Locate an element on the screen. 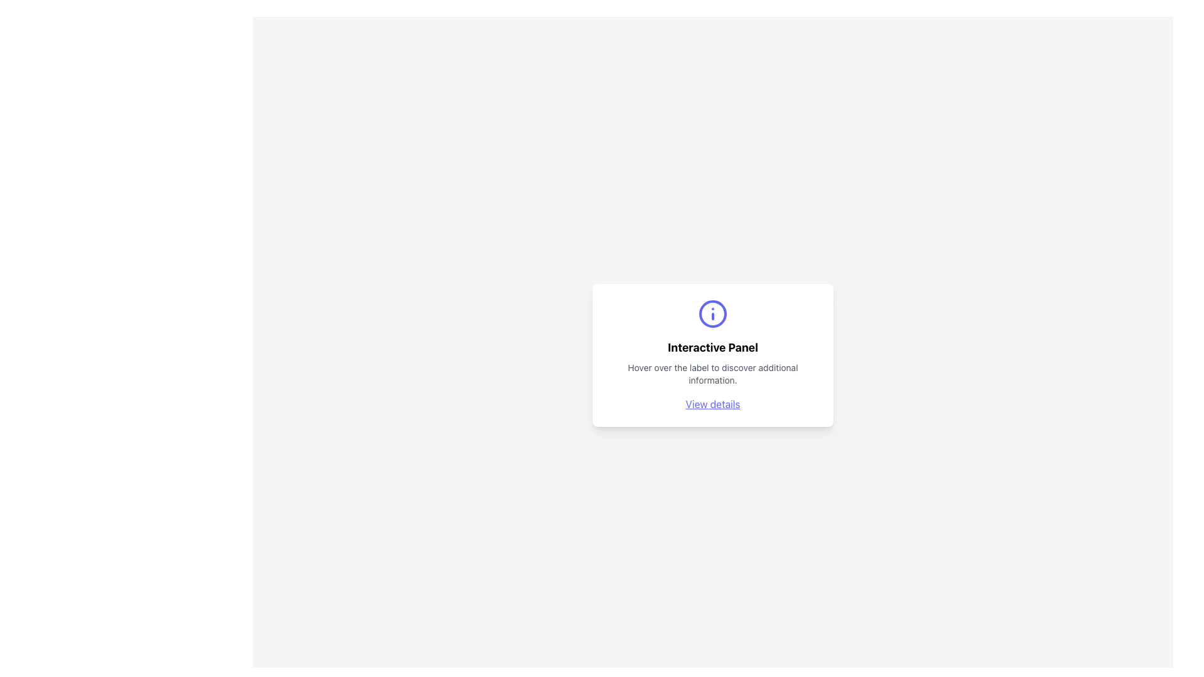 The width and height of the screenshot is (1204, 677). the static text that reads 'Hover over the label to discover additional information.' located below the 'Interactive Panel' title is located at coordinates (713, 374).